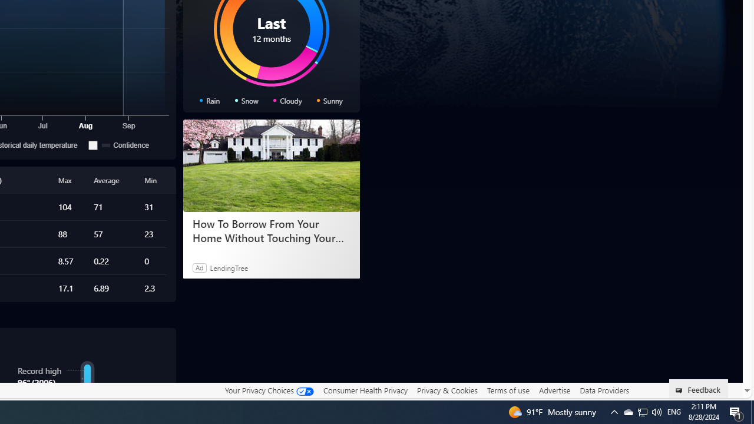 The height and width of the screenshot is (424, 754). Describe the element at coordinates (92, 144) in the screenshot. I see `'Confidence'` at that location.